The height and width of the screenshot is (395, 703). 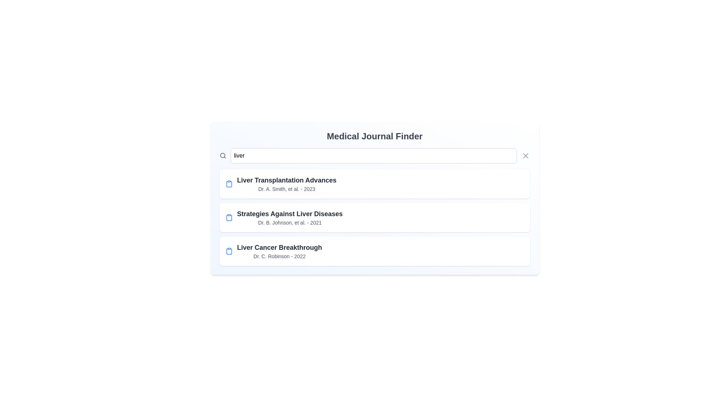 I want to click on the text block titled 'Liver Cancer Breakthrough', so click(x=279, y=251).